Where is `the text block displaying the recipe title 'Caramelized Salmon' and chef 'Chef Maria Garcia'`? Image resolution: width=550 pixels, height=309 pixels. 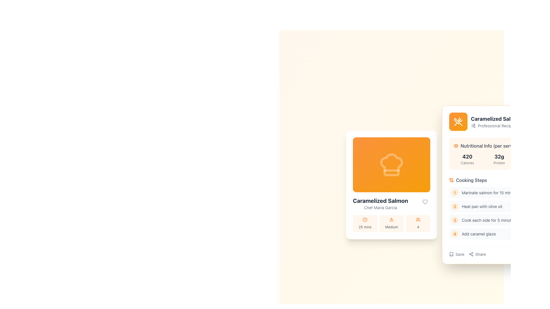 the text block displaying the recipe title 'Caramelized Salmon' and chef 'Chef Maria Garcia' is located at coordinates (380, 203).